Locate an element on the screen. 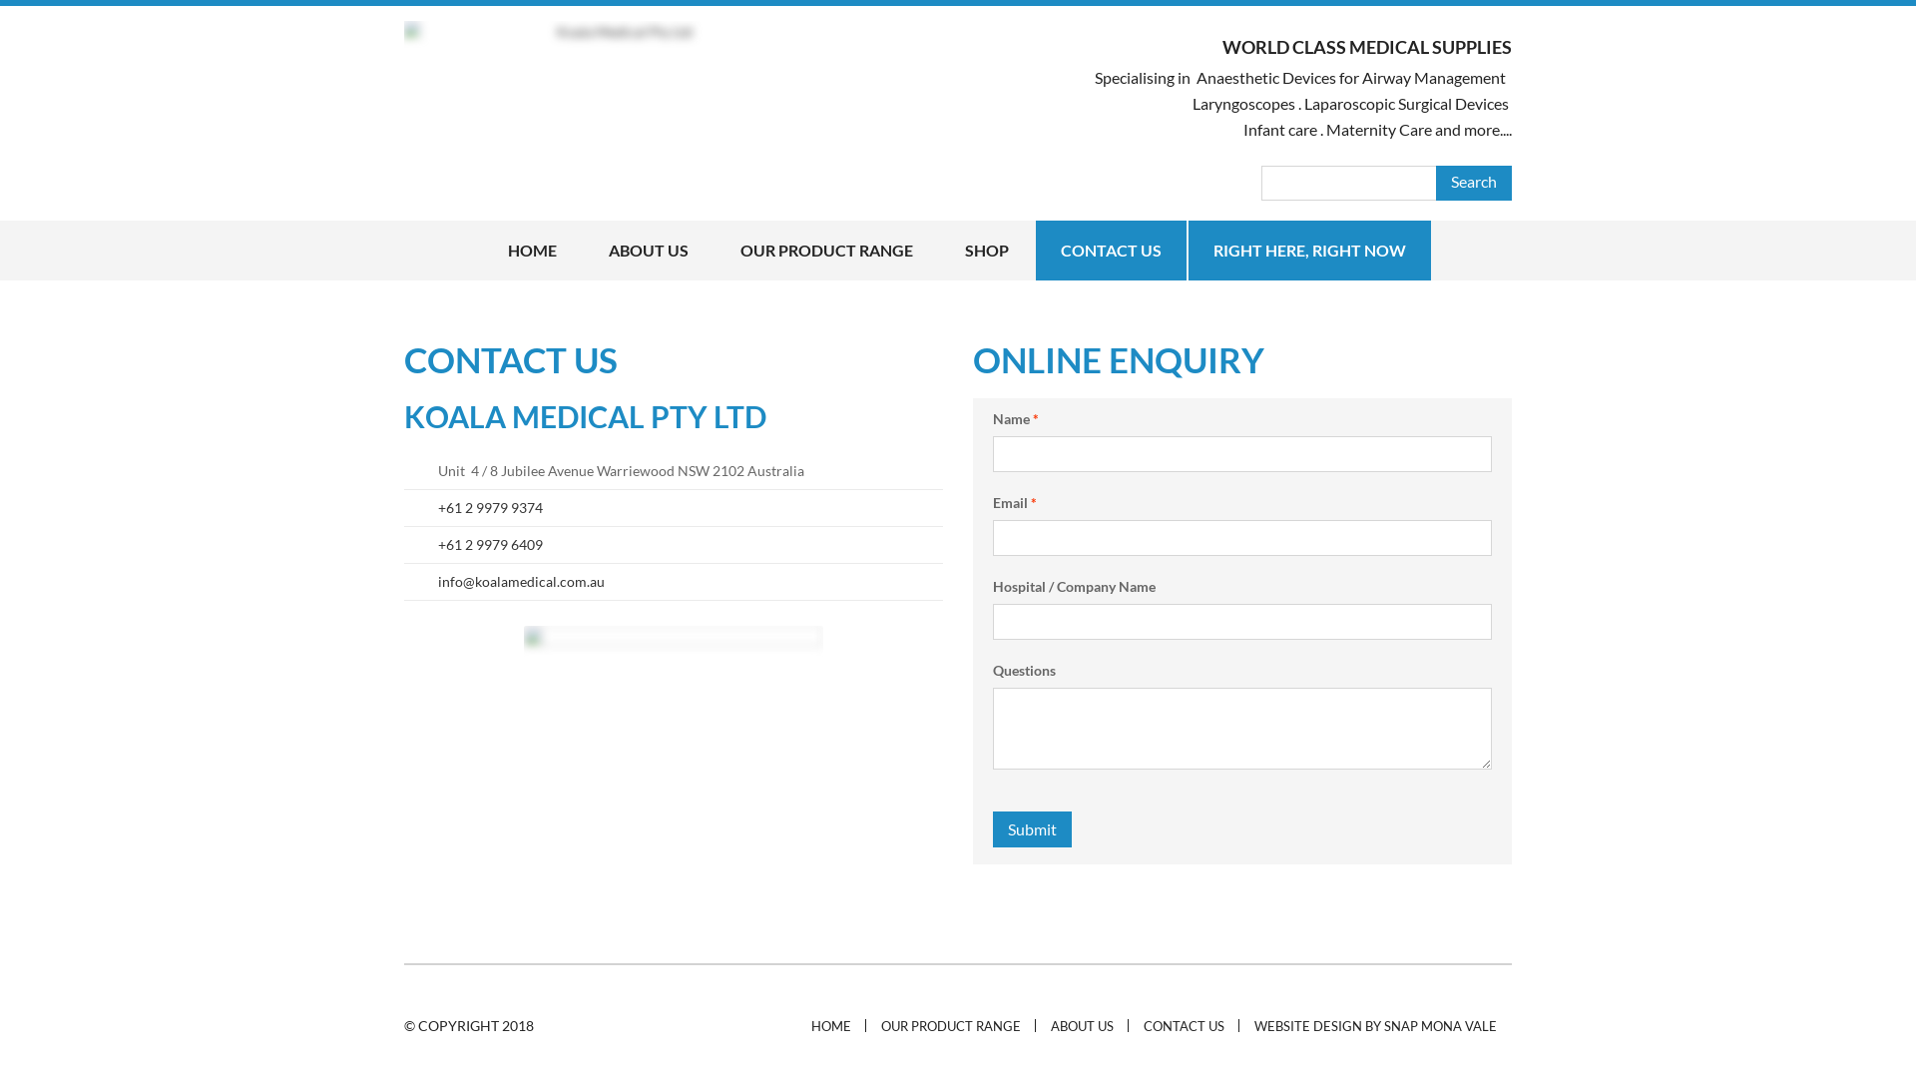  'WEBSITE DESIGN BY SNAP MONA VALE' is located at coordinates (1374, 1026).